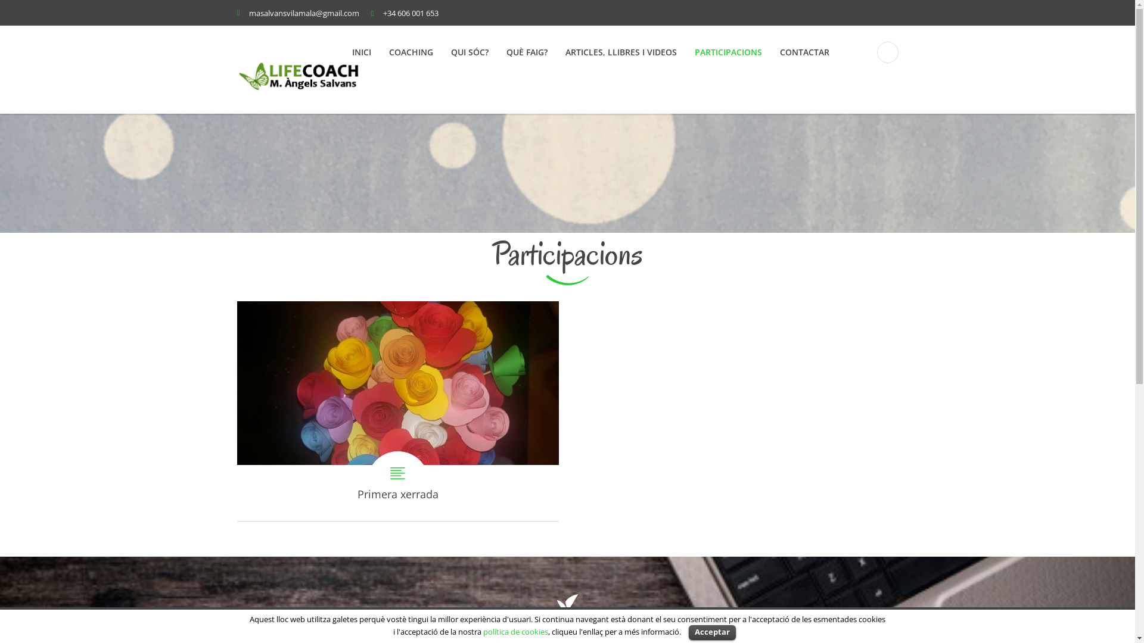 Image resolution: width=1144 pixels, height=643 pixels. What do you see at coordinates (248, 12) in the screenshot?
I see `'masalvansvilamala@gmail.com'` at bounding box center [248, 12].